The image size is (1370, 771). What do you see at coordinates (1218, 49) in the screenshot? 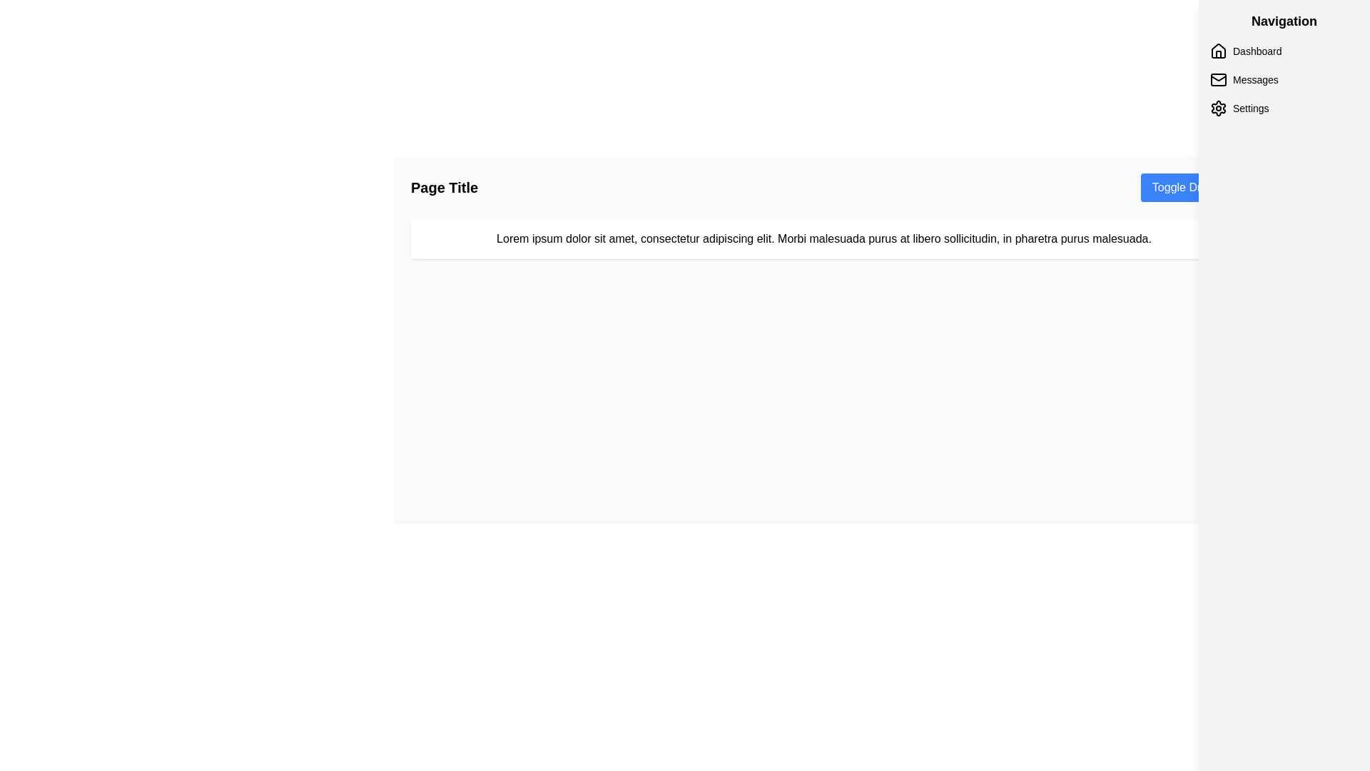
I see `the home icon graphical component located in the navigation sidebar, represented by a house outline with a triangular roof and a rectangular base` at bounding box center [1218, 49].